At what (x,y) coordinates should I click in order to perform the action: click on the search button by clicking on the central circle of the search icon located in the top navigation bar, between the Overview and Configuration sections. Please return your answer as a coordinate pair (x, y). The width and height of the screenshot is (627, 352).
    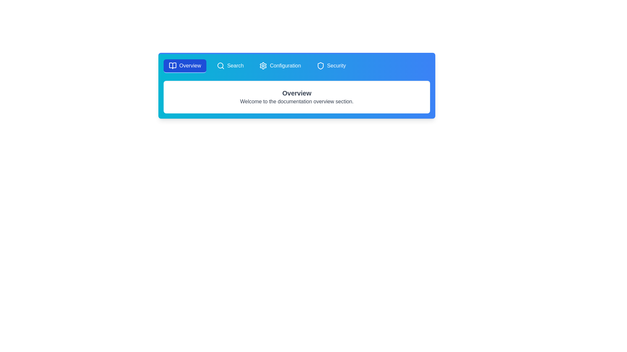
    Looking at the image, I should click on (220, 65).